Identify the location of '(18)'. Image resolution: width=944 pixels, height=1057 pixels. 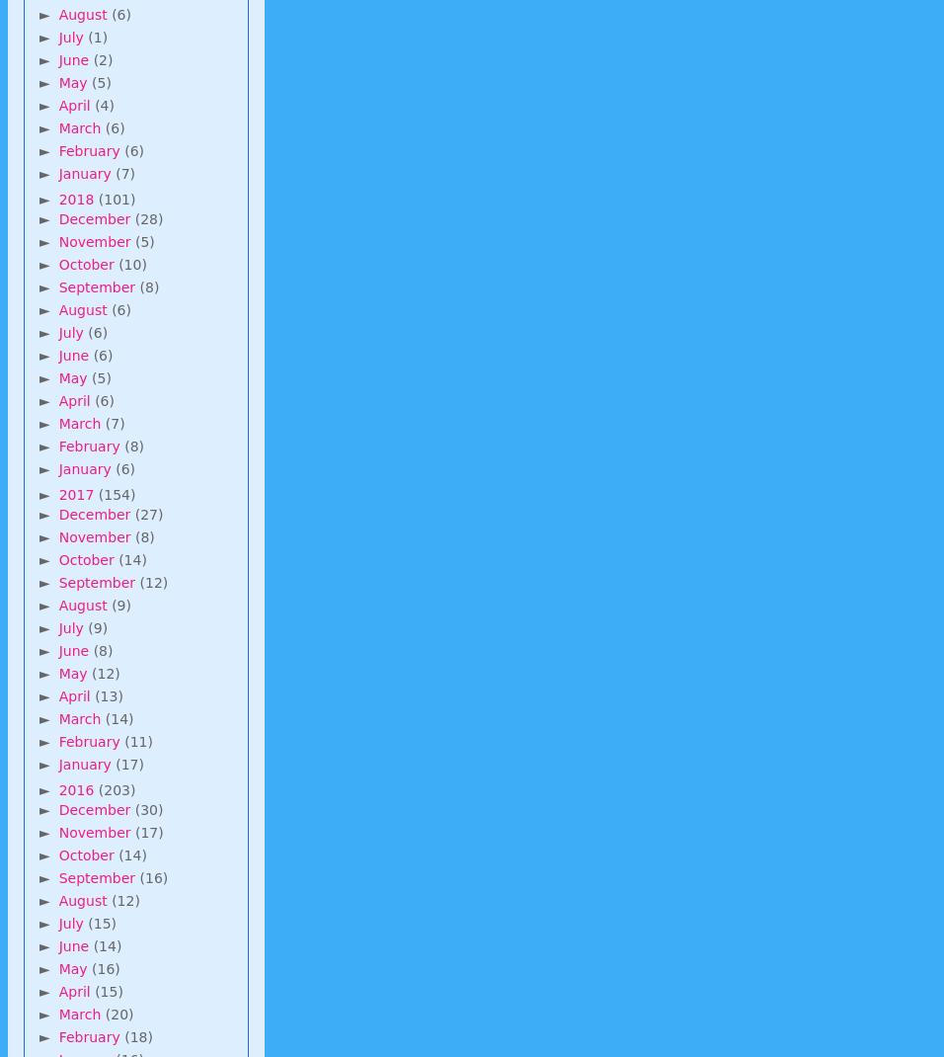
(137, 1036).